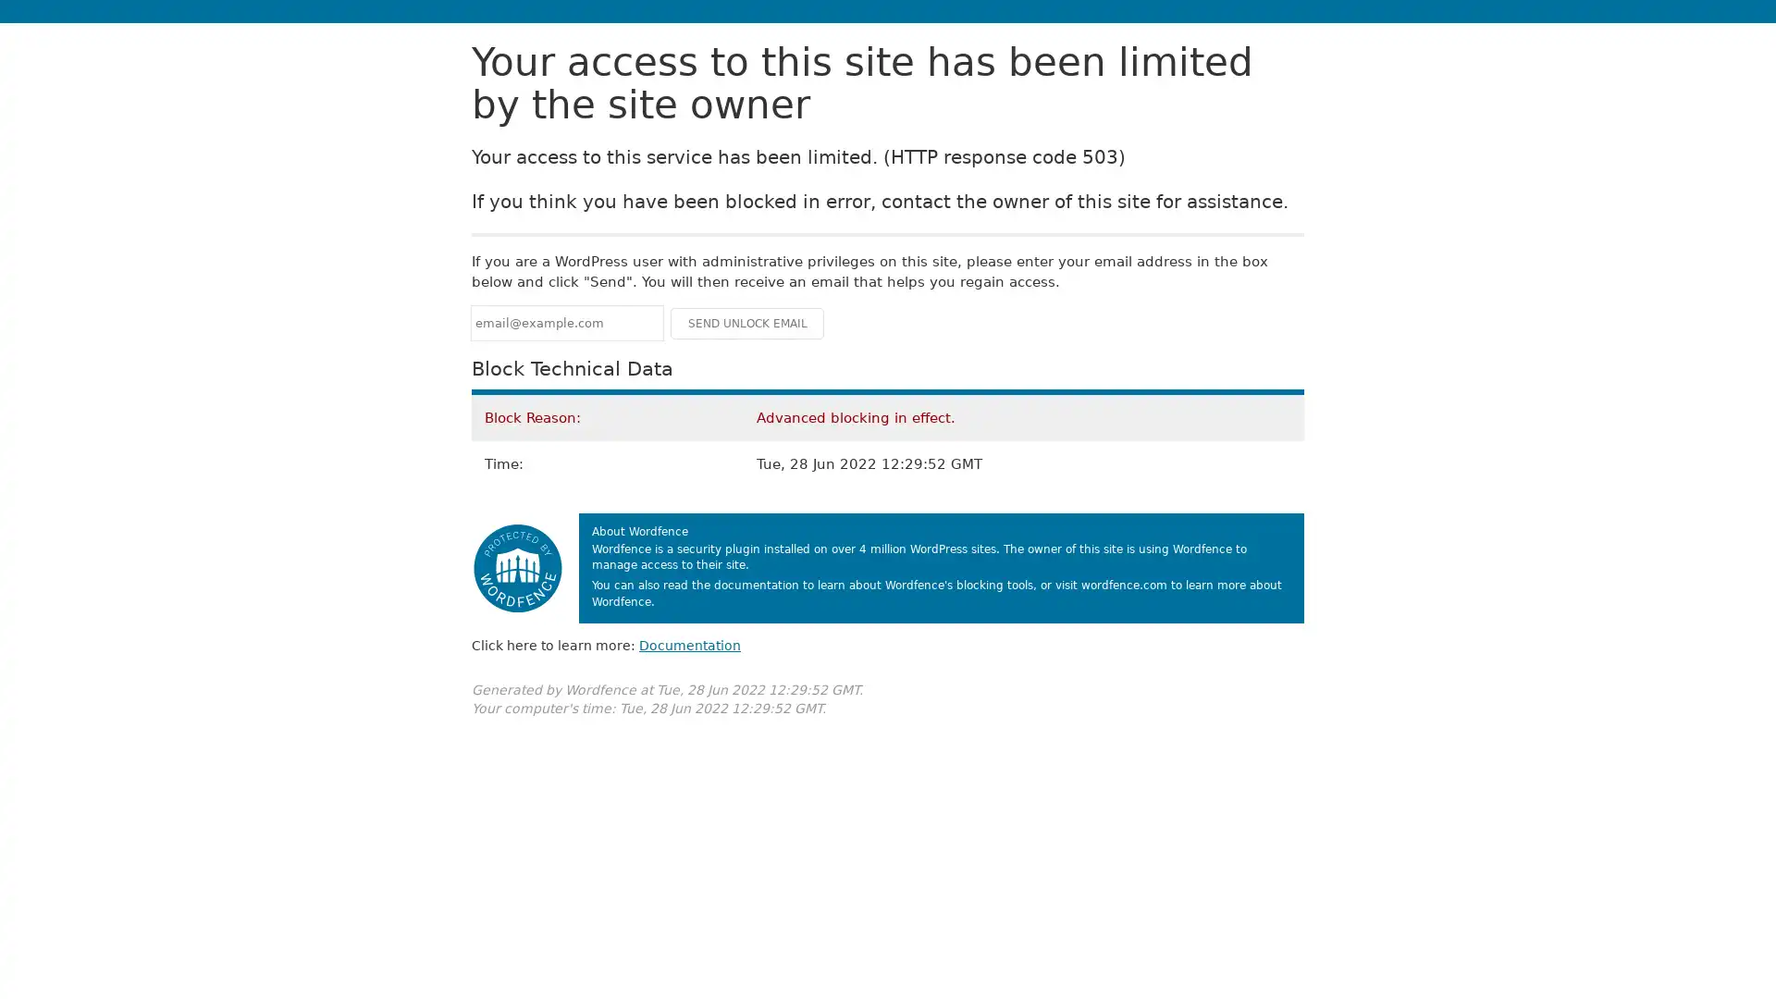 Image resolution: width=1776 pixels, height=999 pixels. I want to click on Send Unlock Email, so click(746, 322).